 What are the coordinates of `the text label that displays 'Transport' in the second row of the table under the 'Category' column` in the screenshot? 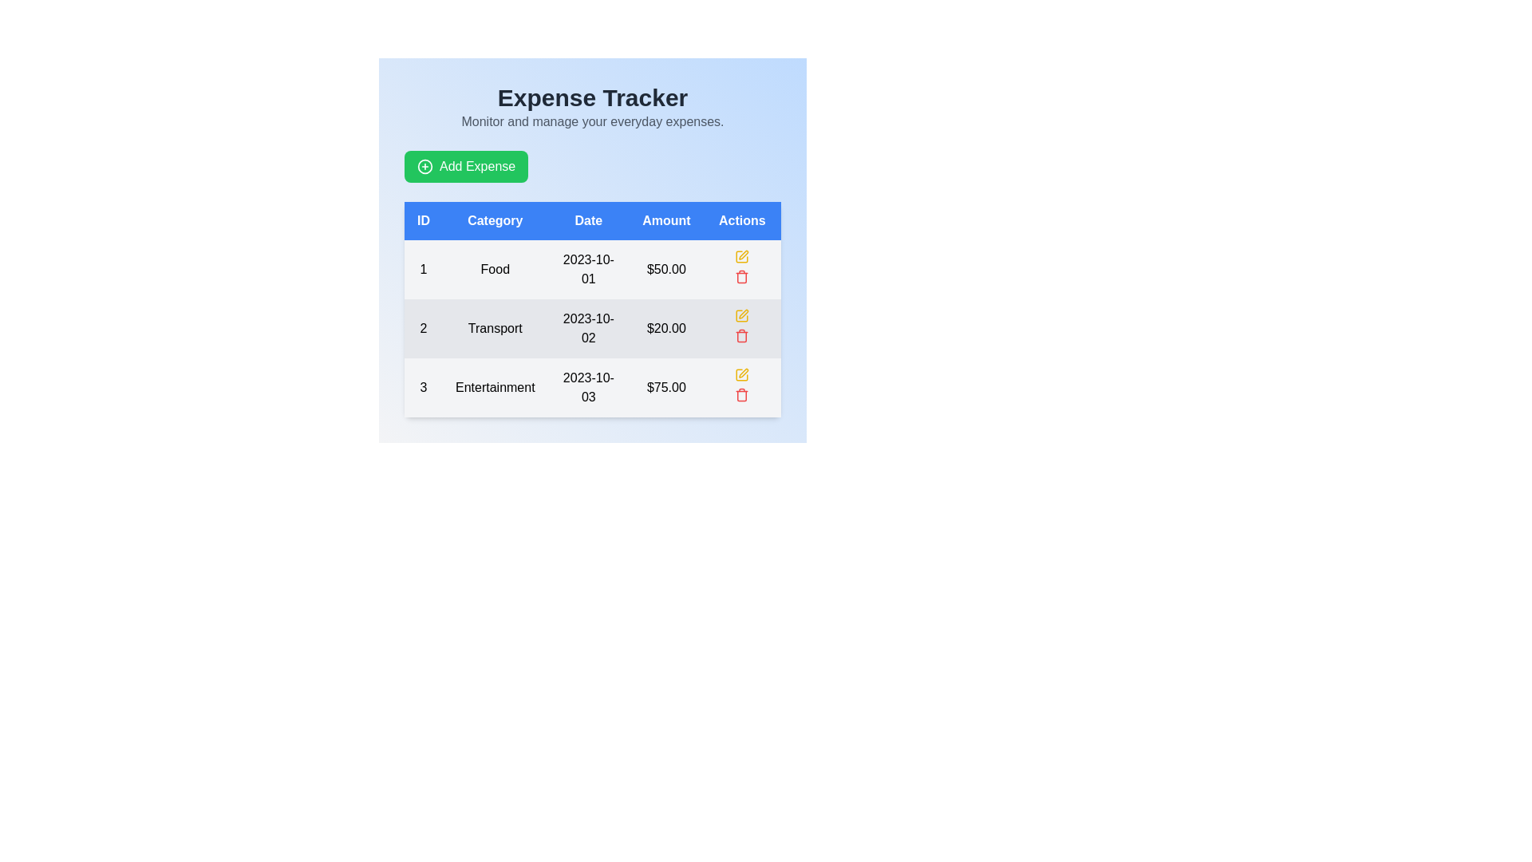 It's located at (494, 328).